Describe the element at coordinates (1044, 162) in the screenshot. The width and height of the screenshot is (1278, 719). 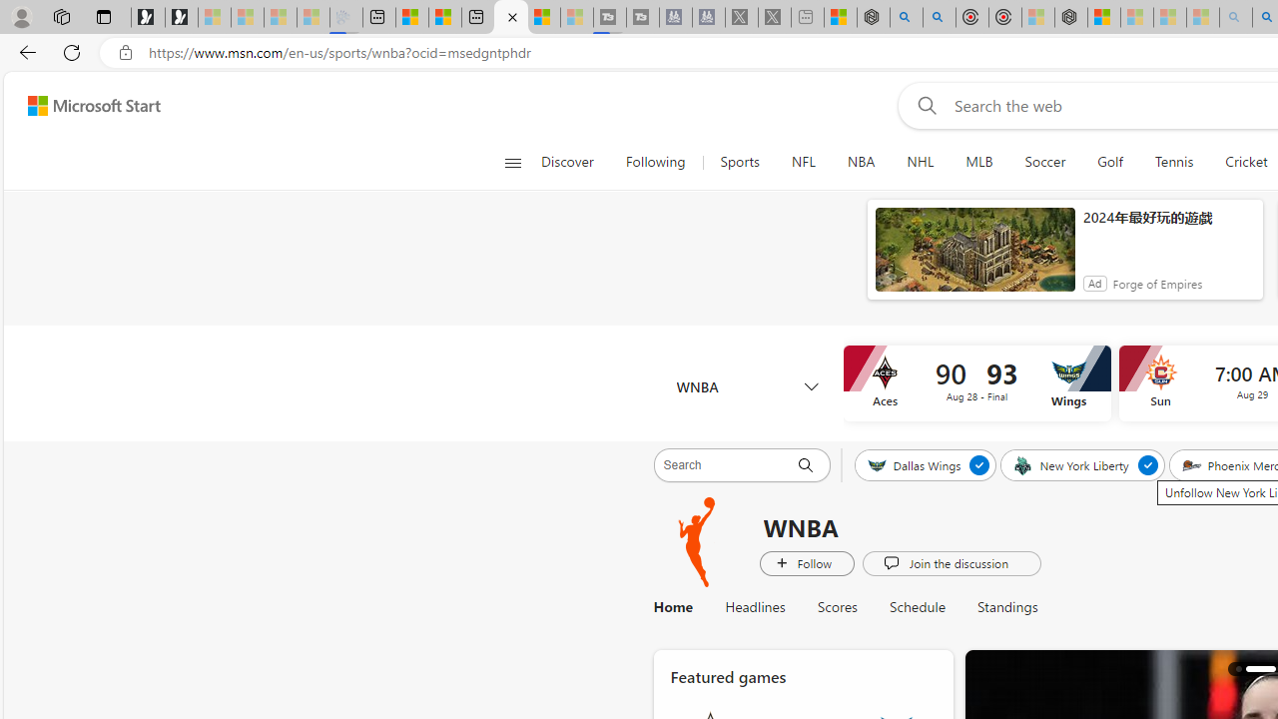
I see `'Soccer'` at that location.